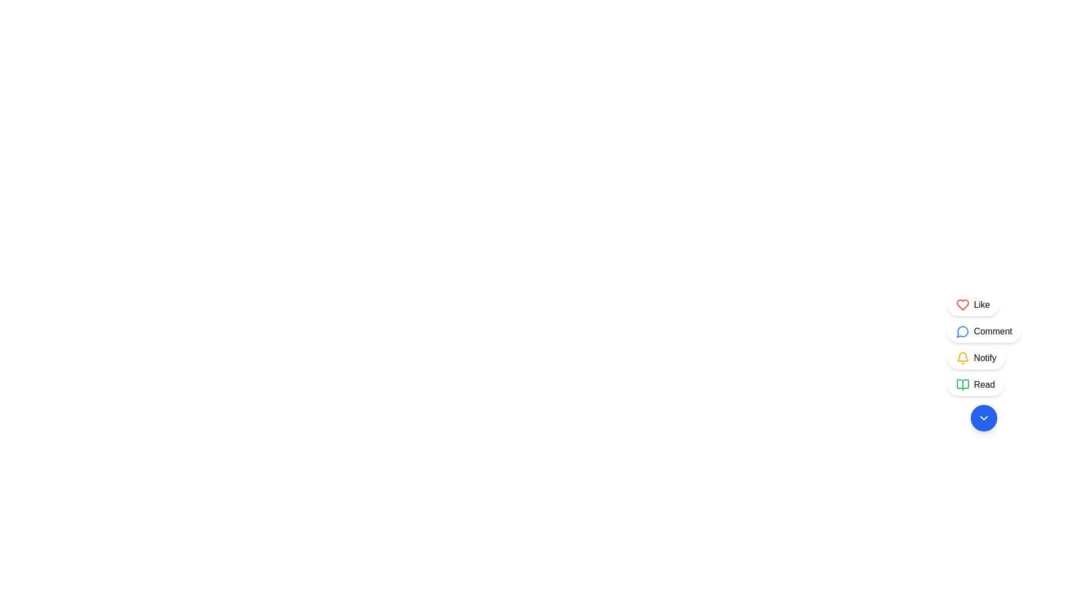  What do you see at coordinates (972, 305) in the screenshot?
I see `the 'Like' button, which is the first button at the top of a vertical list featuring a red heart icon and the text 'Like' in black` at bounding box center [972, 305].